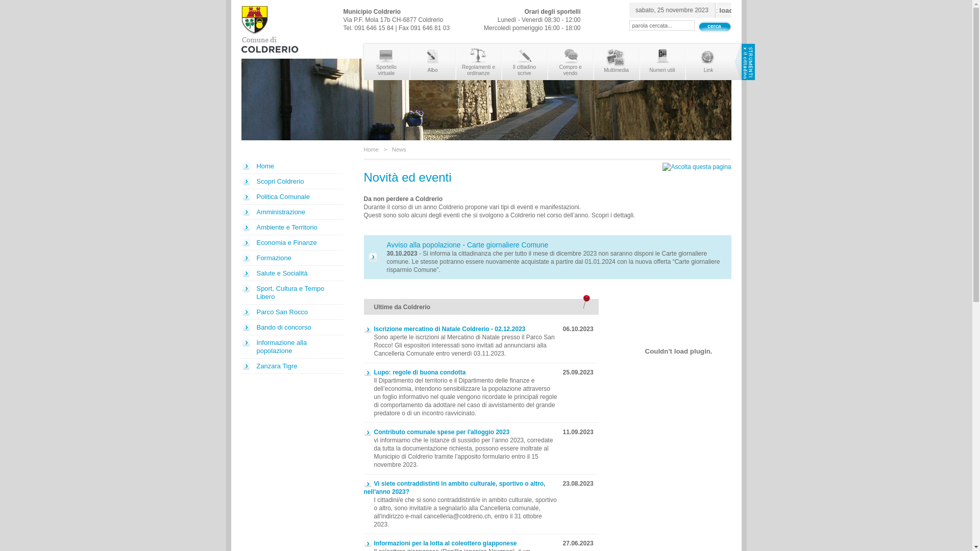 The image size is (980, 551). What do you see at coordinates (291, 257) in the screenshot?
I see `'Formazione'` at bounding box center [291, 257].